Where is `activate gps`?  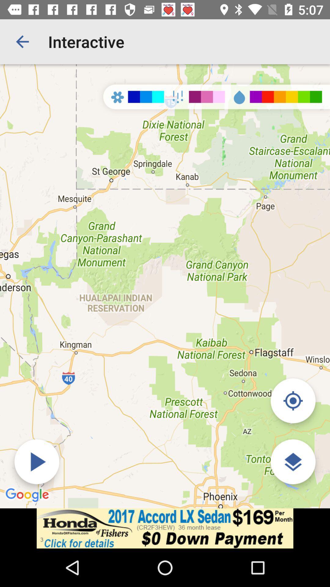 activate gps is located at coordinates (293, 401).